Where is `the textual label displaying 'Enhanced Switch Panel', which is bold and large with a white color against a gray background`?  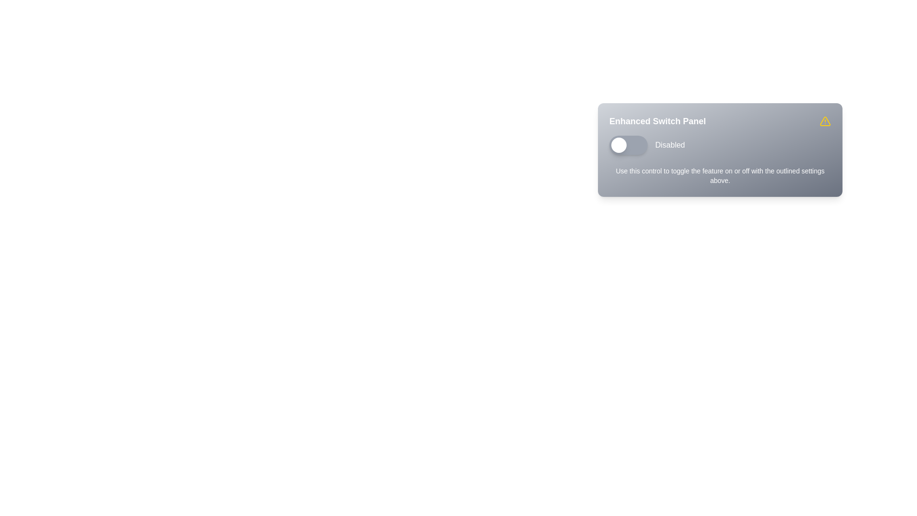
the textual label displaying 'Enhanced Switch Panel', which is bold and large with a white color against a gray background is located at coordinates (657, 121).